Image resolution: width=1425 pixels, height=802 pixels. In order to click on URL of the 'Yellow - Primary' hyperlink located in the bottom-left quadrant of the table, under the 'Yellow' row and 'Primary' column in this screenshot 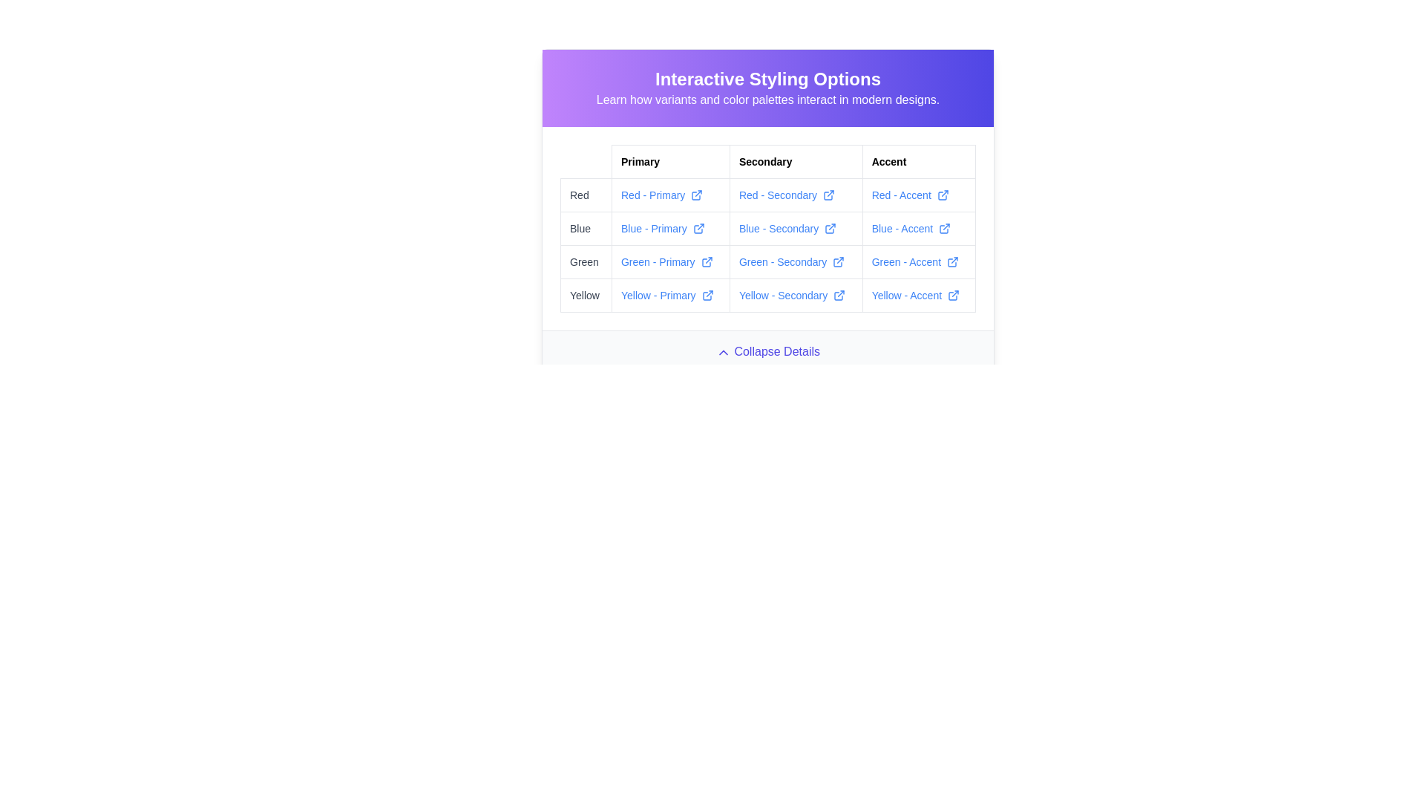, I will do `click(669, 295)`.